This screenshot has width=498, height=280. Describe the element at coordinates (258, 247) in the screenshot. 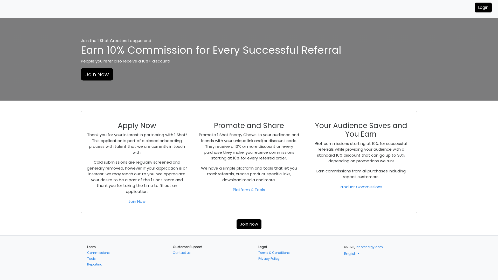

I see `'Privacy Policy'` at that location.